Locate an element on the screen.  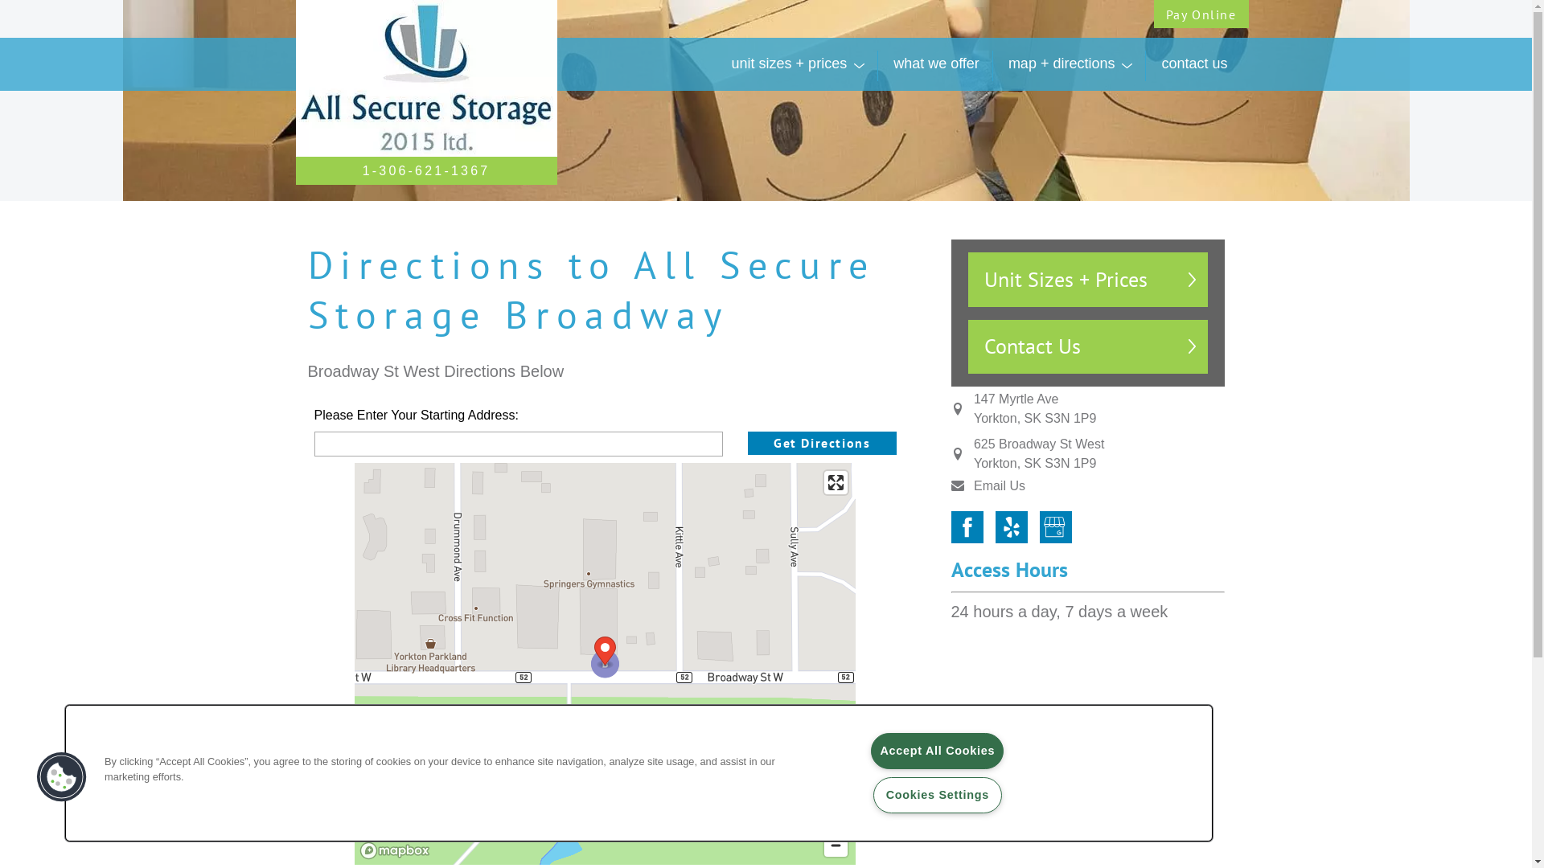
'Email Us' is located at coordinates (999, 485).